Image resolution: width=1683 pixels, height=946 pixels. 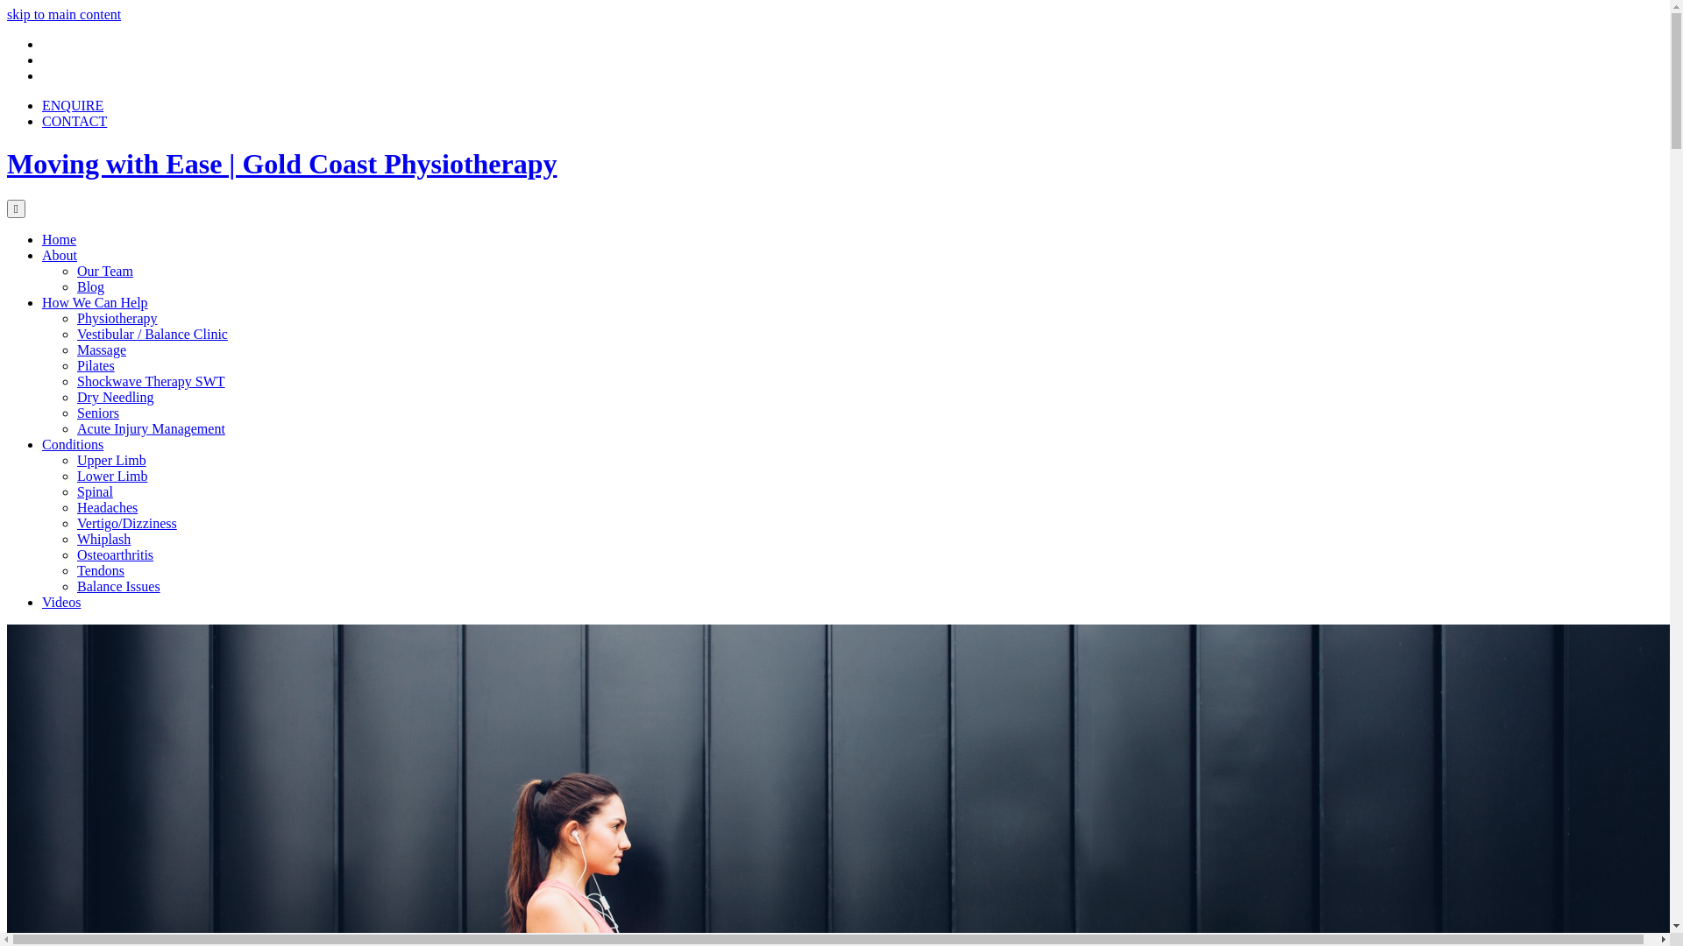 I want to click on 'Osteoarthritis', so click(x=114, y=554).